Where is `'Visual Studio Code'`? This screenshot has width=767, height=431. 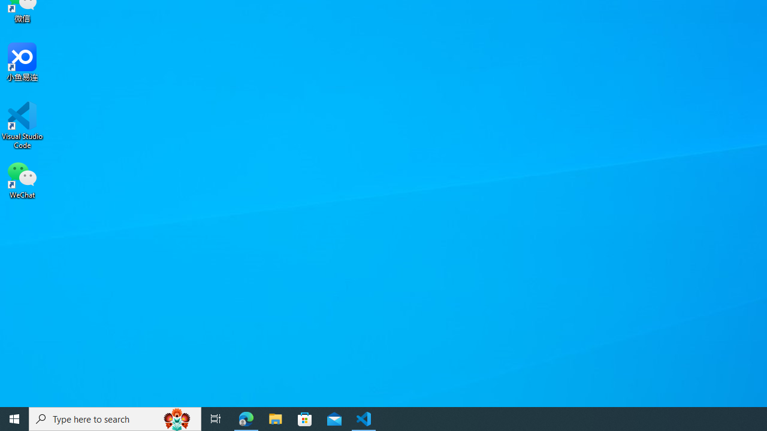 'Visual Studio Code' is located at coordinates (22, 125).